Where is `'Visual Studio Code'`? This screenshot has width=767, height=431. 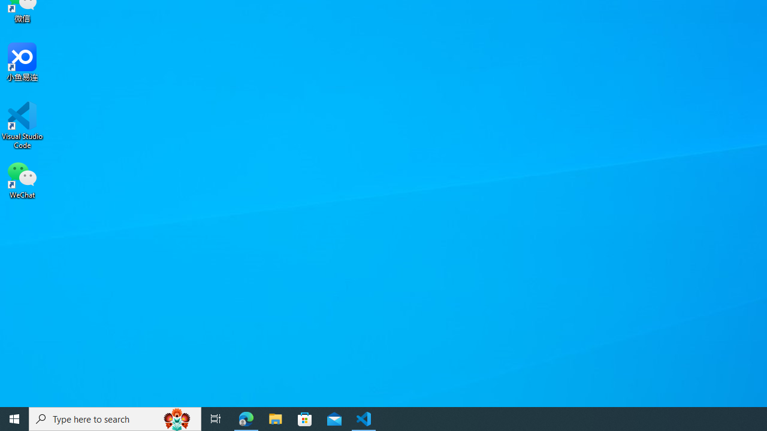 'Visual Studio Code' is located at coordinates (22, 125).